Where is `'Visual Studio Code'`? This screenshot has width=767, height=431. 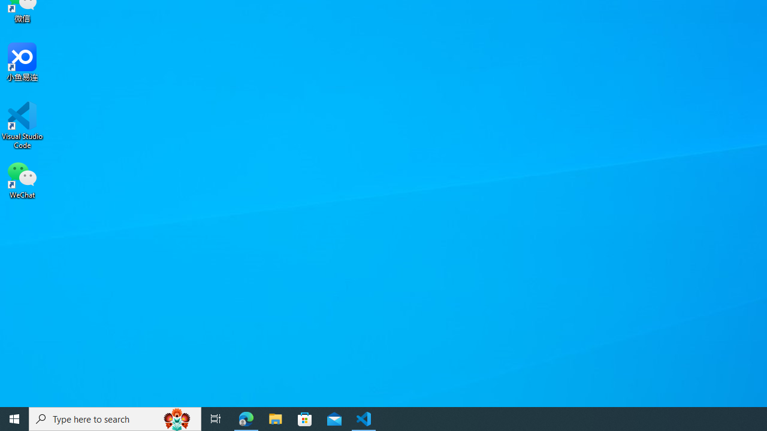 'Visual Studio Code' is located at coordinates (22, 125).